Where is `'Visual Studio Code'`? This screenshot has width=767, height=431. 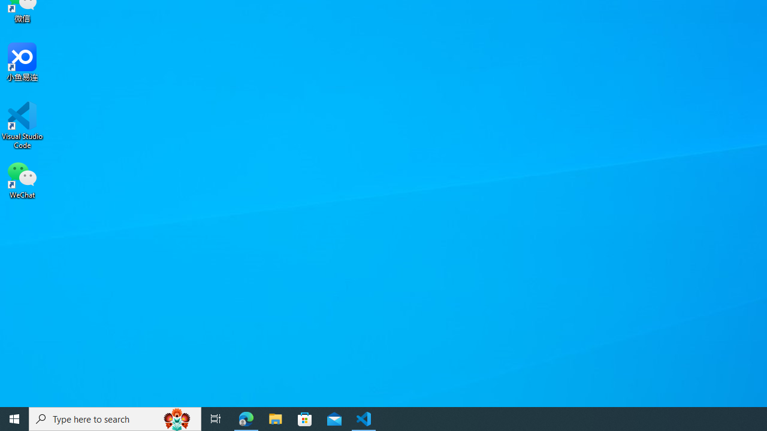 'Visual Studio Code' is located at coordinates (22, 125).